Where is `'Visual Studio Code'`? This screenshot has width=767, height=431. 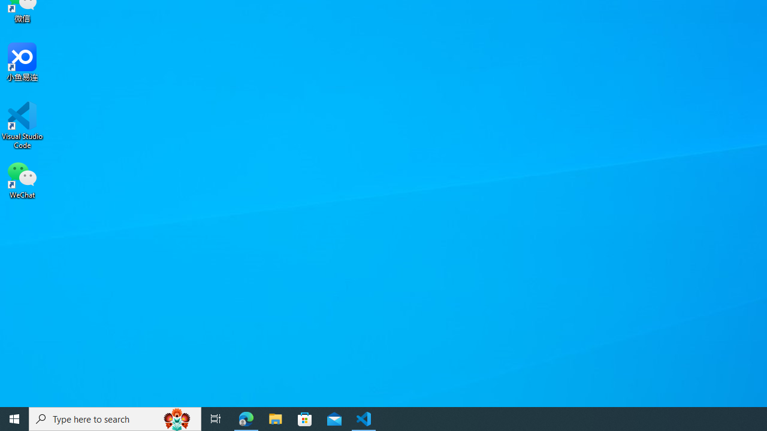 'Visual Studio Code' is located at coordinates (22, 125).